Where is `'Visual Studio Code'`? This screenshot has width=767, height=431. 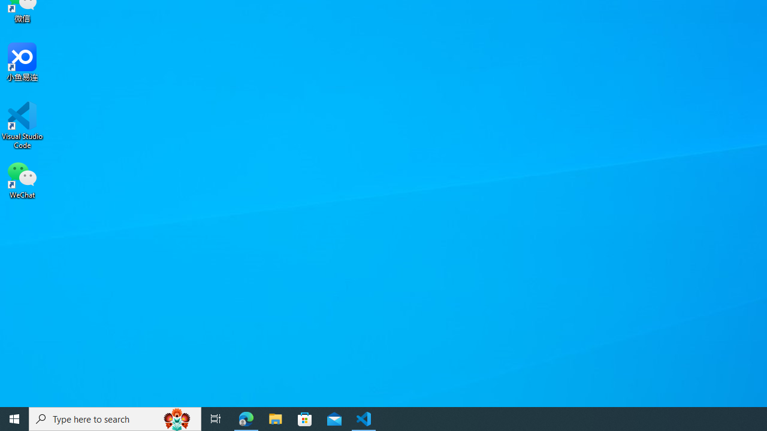 'Visual Studio Code' is located at coordinates (22, 125).